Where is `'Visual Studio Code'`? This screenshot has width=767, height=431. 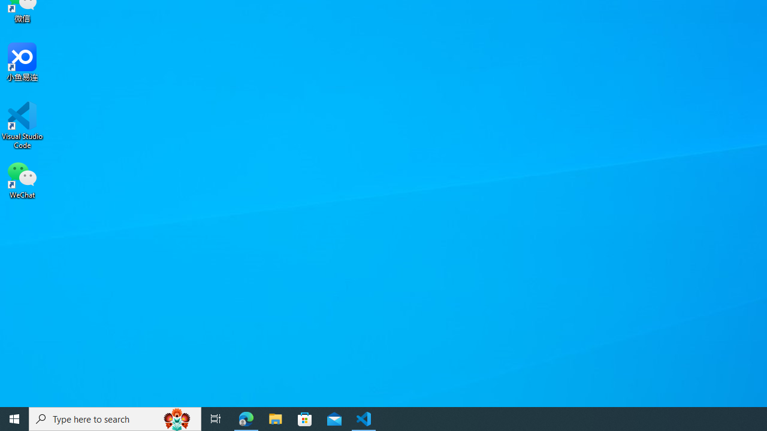 'Visual Studio Code' is located at coordinates (22, 125).